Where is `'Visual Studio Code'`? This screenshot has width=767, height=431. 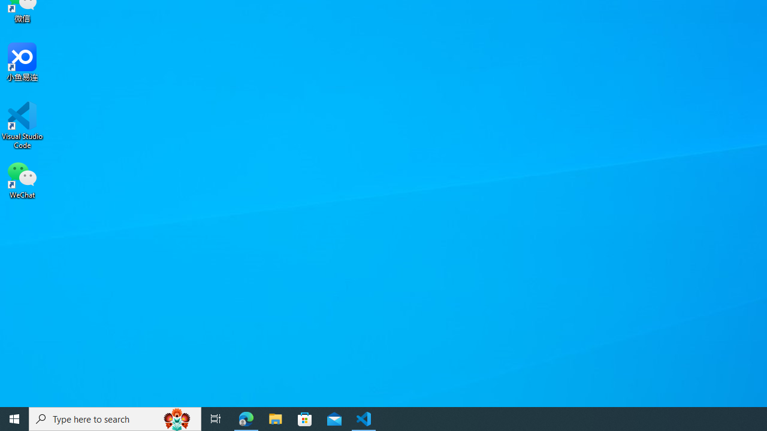 'Visual Studio Code' is located at coordinates (22, 125).